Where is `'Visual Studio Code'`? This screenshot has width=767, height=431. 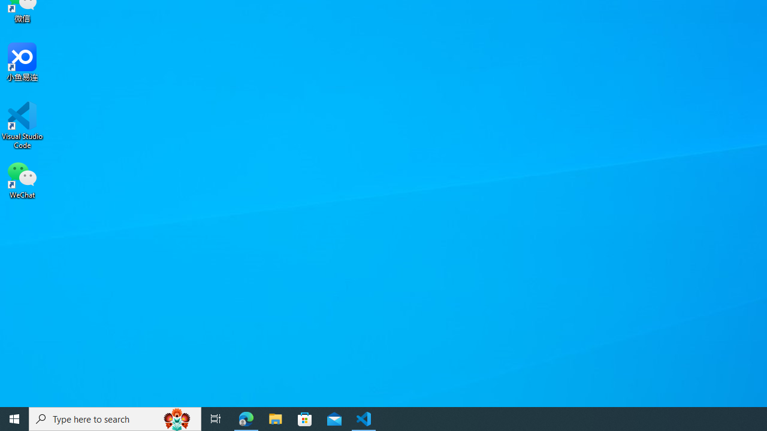 'Visual Studio Code' is located at coordinates (22, 125).